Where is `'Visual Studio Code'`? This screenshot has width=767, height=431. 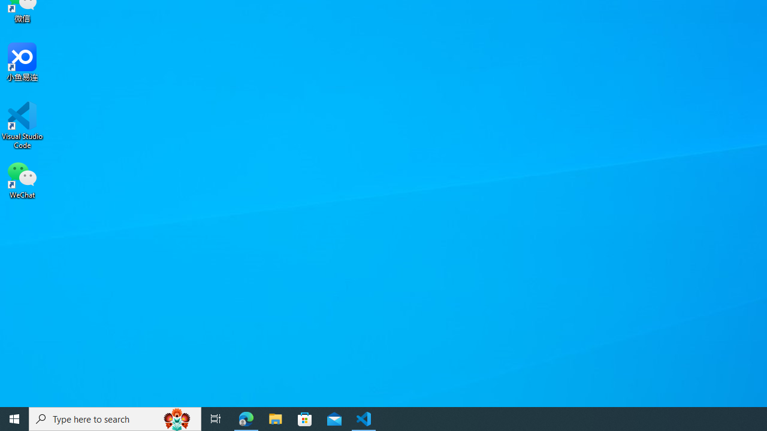 'Visual Studio Code' is located at coordinates (22, 125).